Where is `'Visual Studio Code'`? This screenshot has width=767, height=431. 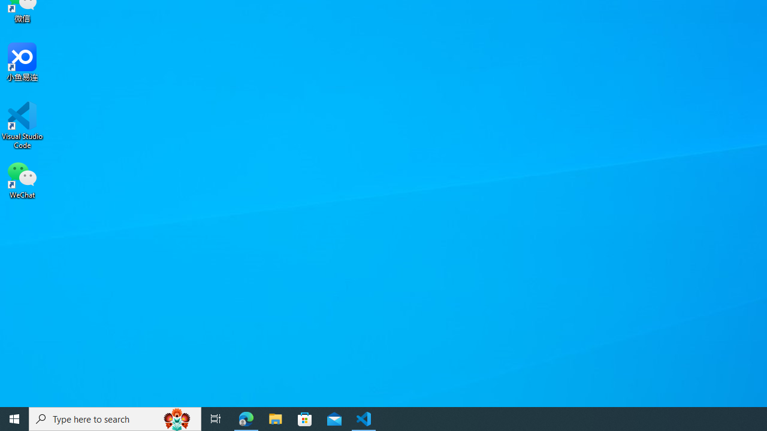 'Visual Studio Code' is located at coordinates (22, 125).